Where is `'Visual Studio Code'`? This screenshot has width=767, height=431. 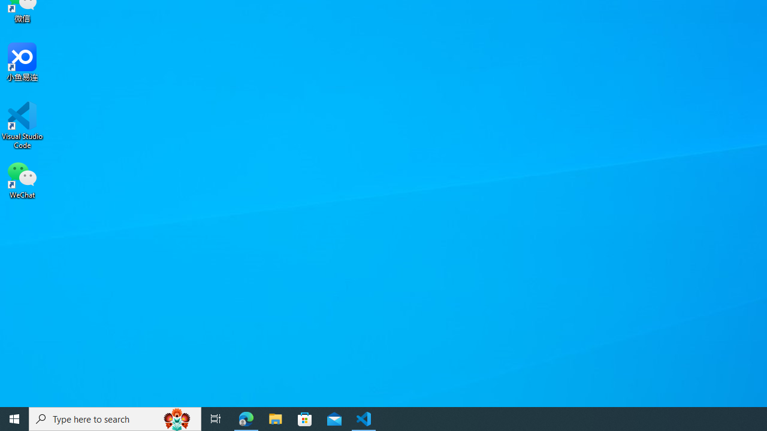 'Visual Studio Code' is located at coordinates (22, 125).